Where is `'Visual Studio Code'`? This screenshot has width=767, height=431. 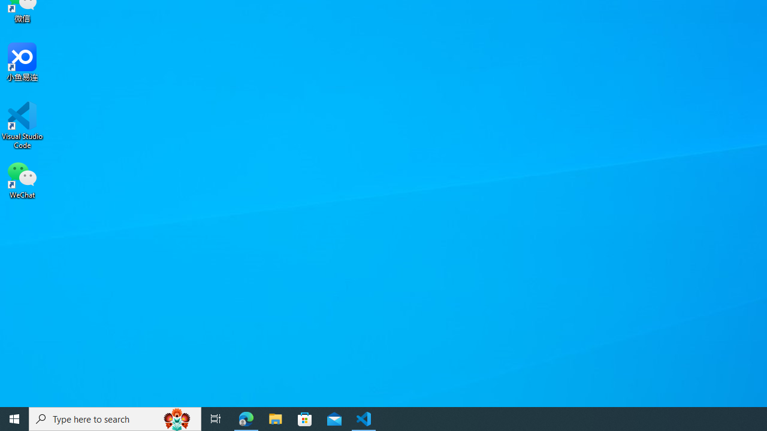 'Visual Studio Code' is located at coordinates (22, 125).